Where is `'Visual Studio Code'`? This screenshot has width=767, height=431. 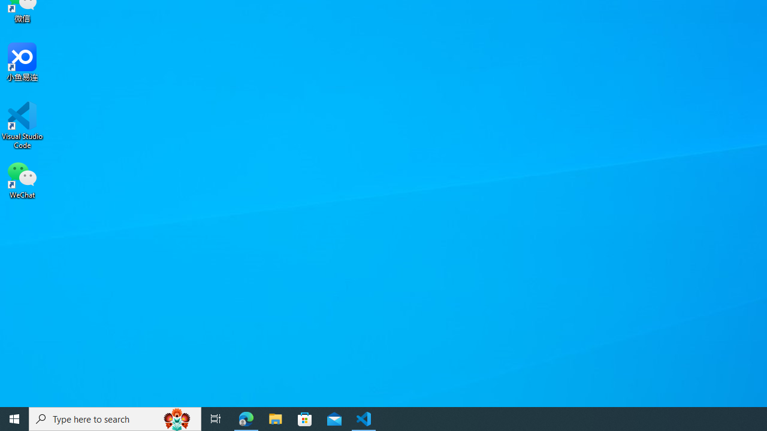 'Visual Studio Code' is located at coordinates (22, 125).